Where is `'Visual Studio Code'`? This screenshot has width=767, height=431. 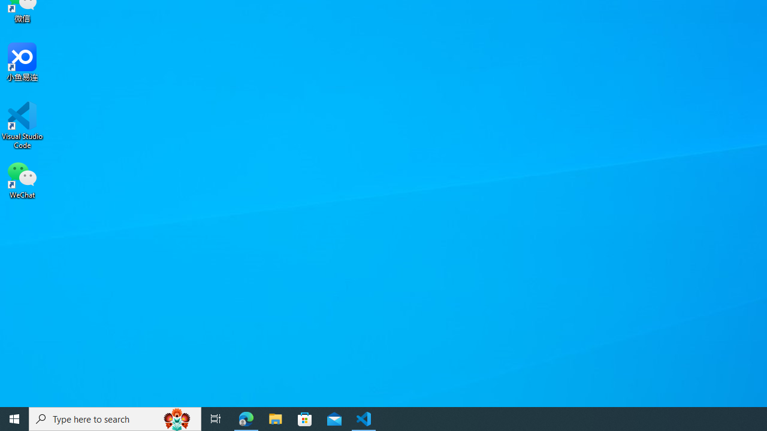 'Visual Studio Code' is located at coordinates (22, 125).